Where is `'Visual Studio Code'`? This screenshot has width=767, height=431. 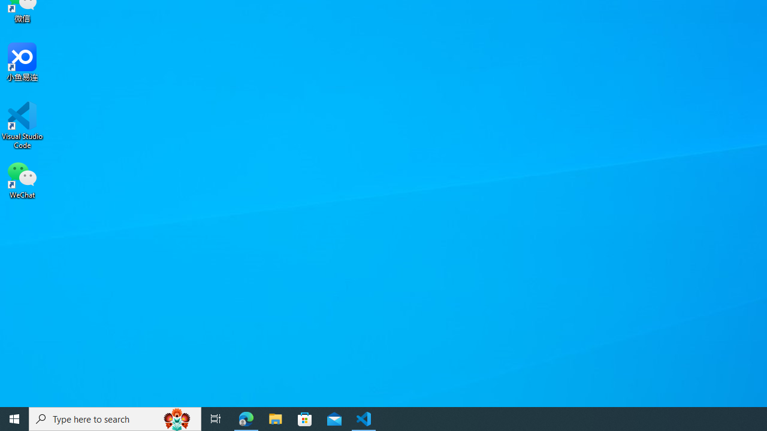 'Visual Studio Code' is located at coordinates (22, 125).